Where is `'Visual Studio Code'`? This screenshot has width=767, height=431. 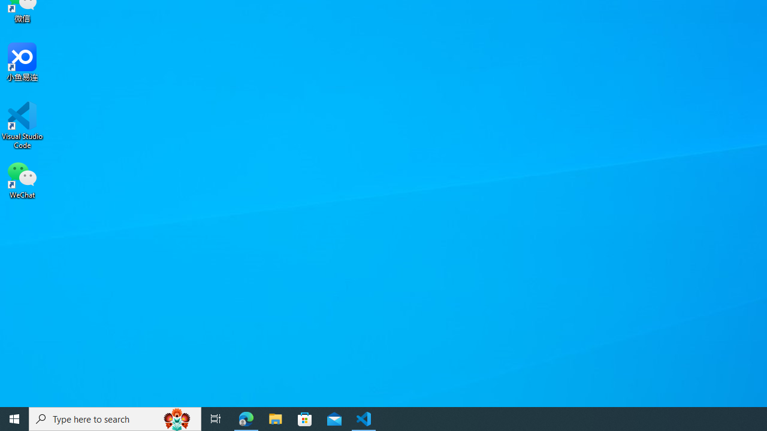 'Visual Studio Code' is located at coordinates (22, 125).